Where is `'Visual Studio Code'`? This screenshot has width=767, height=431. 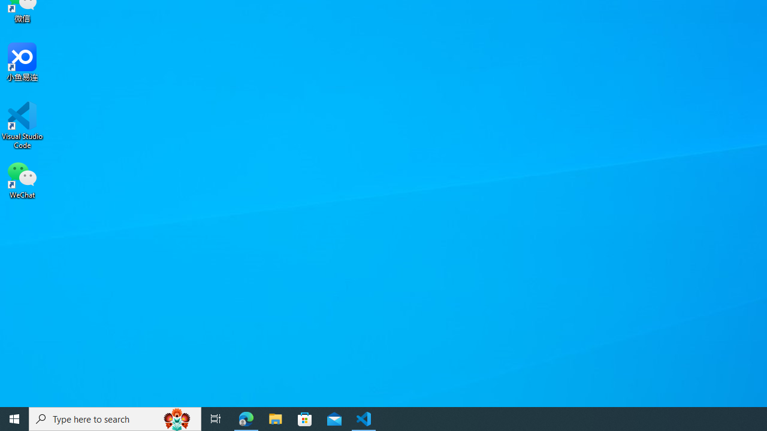 'Visual Studio Code' is located at coordinates (22, 125).